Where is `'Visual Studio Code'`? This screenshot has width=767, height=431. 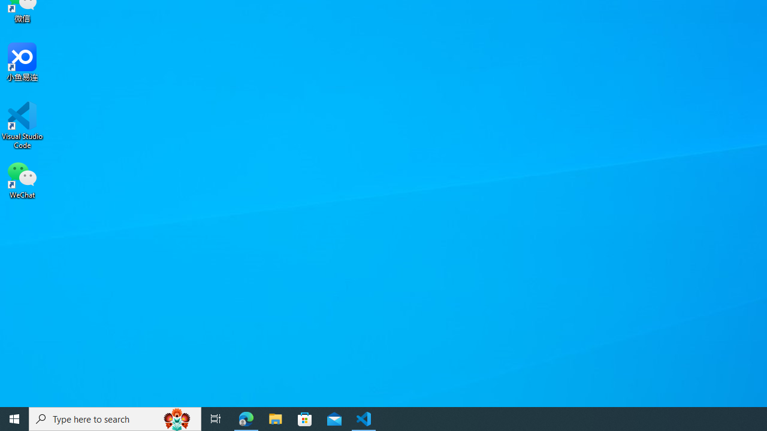 'Visual Studio Code' is located at coordinates (22, 125).